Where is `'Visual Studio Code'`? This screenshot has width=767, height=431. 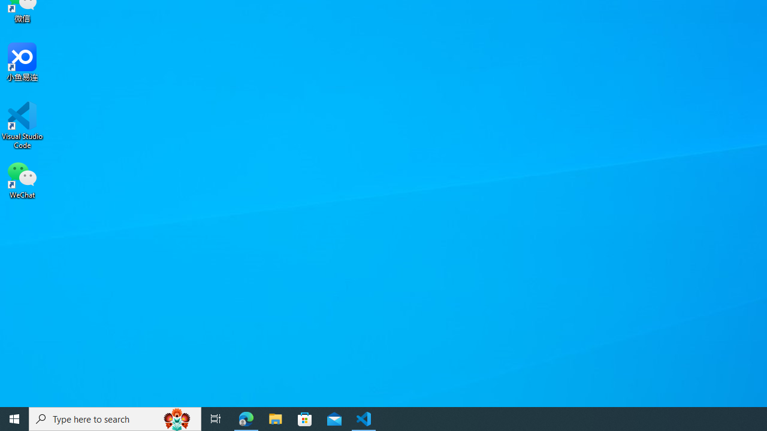 'Visual Studio Code' is located at coordinates (22, 125).